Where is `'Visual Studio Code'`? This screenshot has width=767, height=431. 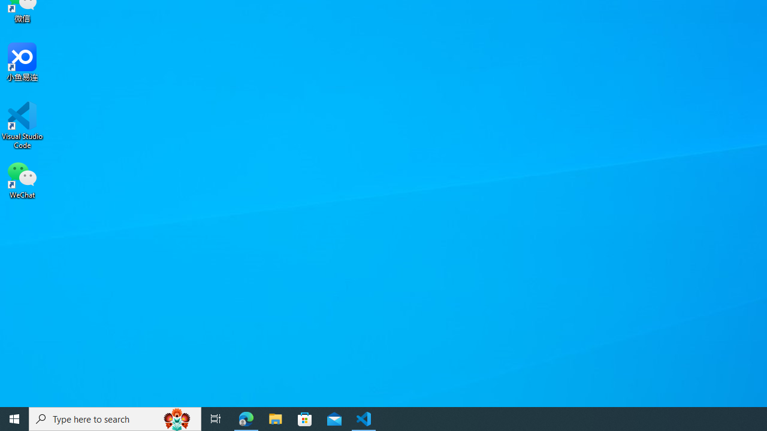 'Visual Studio Code' is located at coordinates (22, 125).